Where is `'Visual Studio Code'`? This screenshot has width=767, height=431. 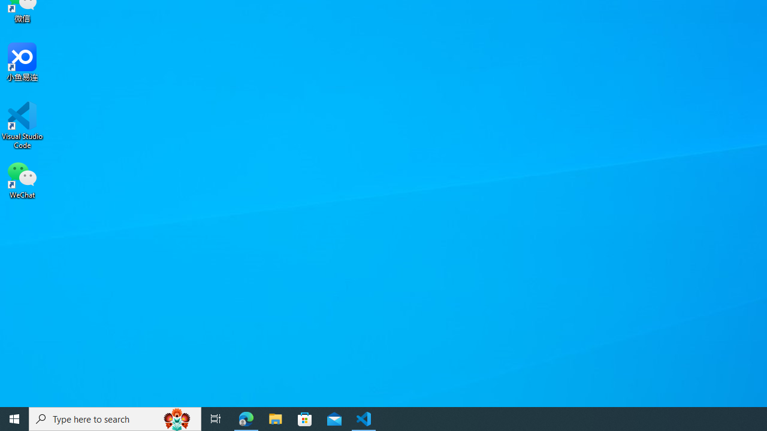 'Visual Studio Code' is located at coordinates (22, 125).